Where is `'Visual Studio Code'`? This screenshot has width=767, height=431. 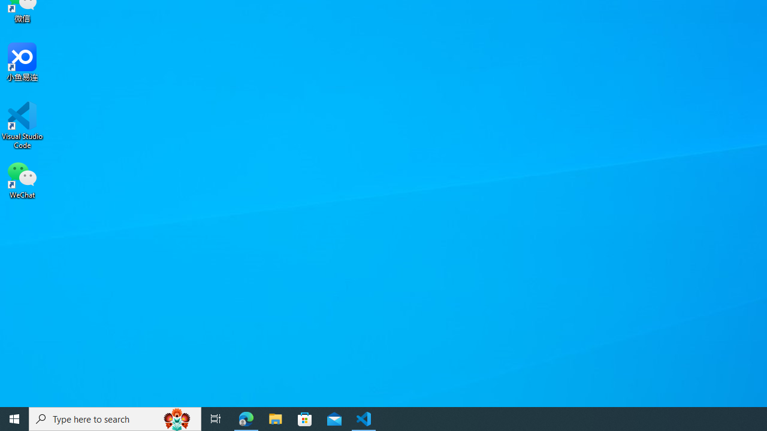 'Visual Studio Code' is located at coordinates (22, 125).